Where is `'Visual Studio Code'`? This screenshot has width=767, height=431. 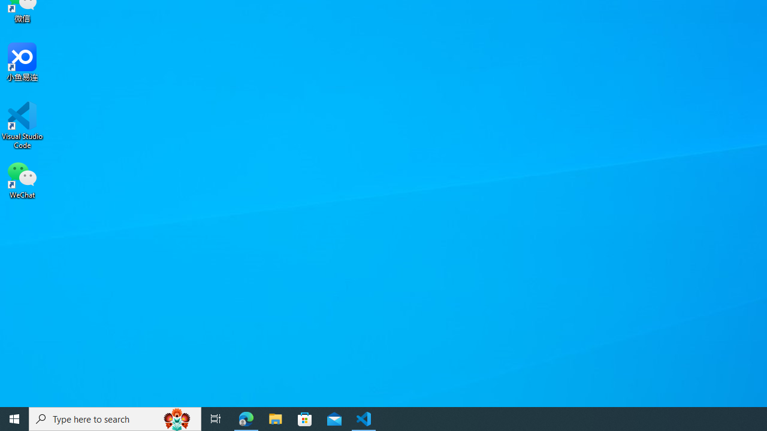 'Visual Studio Code' is located at coordinates (22, 125).